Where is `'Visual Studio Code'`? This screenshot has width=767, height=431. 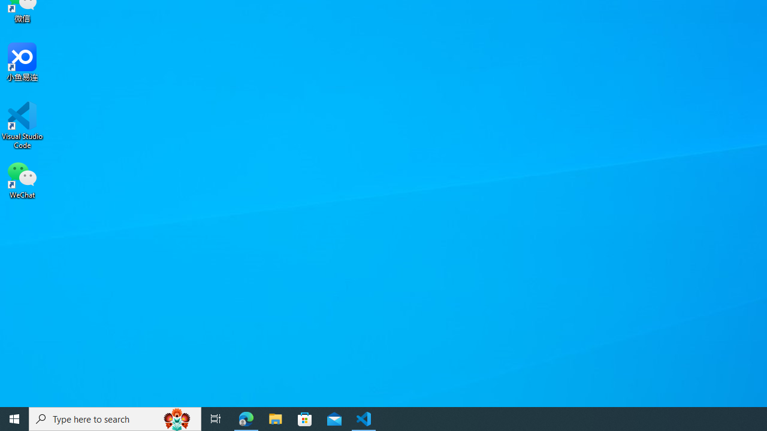 'Visual Studio Code' is located at coordinates (22, 125).